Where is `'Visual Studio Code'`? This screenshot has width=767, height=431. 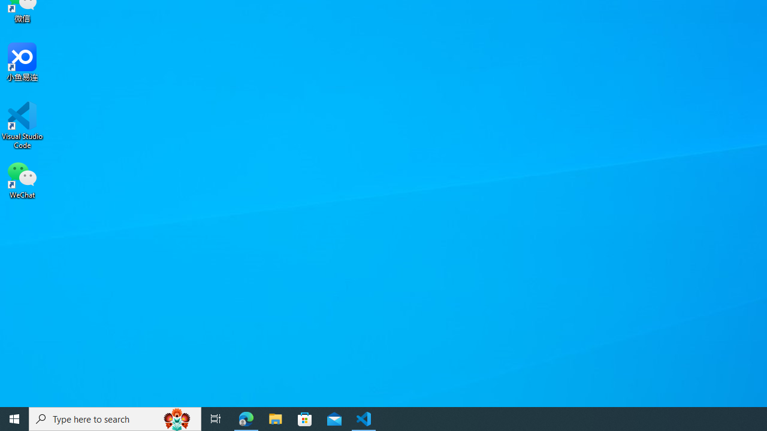 'Visual Studio Code' is located at coordinates (22, 125).